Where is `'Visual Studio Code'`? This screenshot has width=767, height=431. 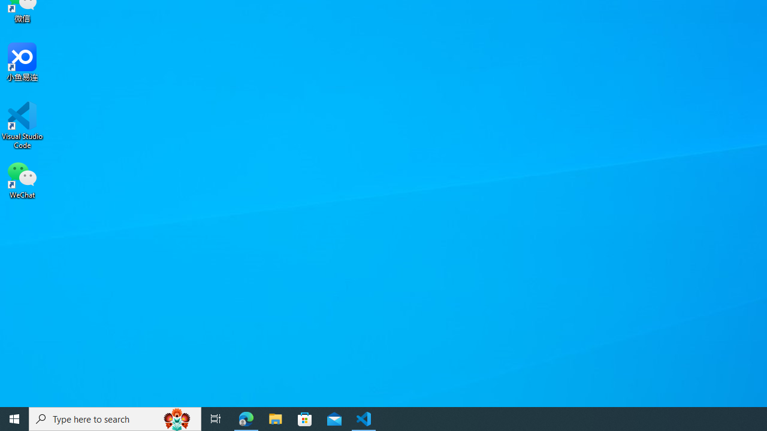 'Visual Studio Code' is located at coordinates (22, 125).